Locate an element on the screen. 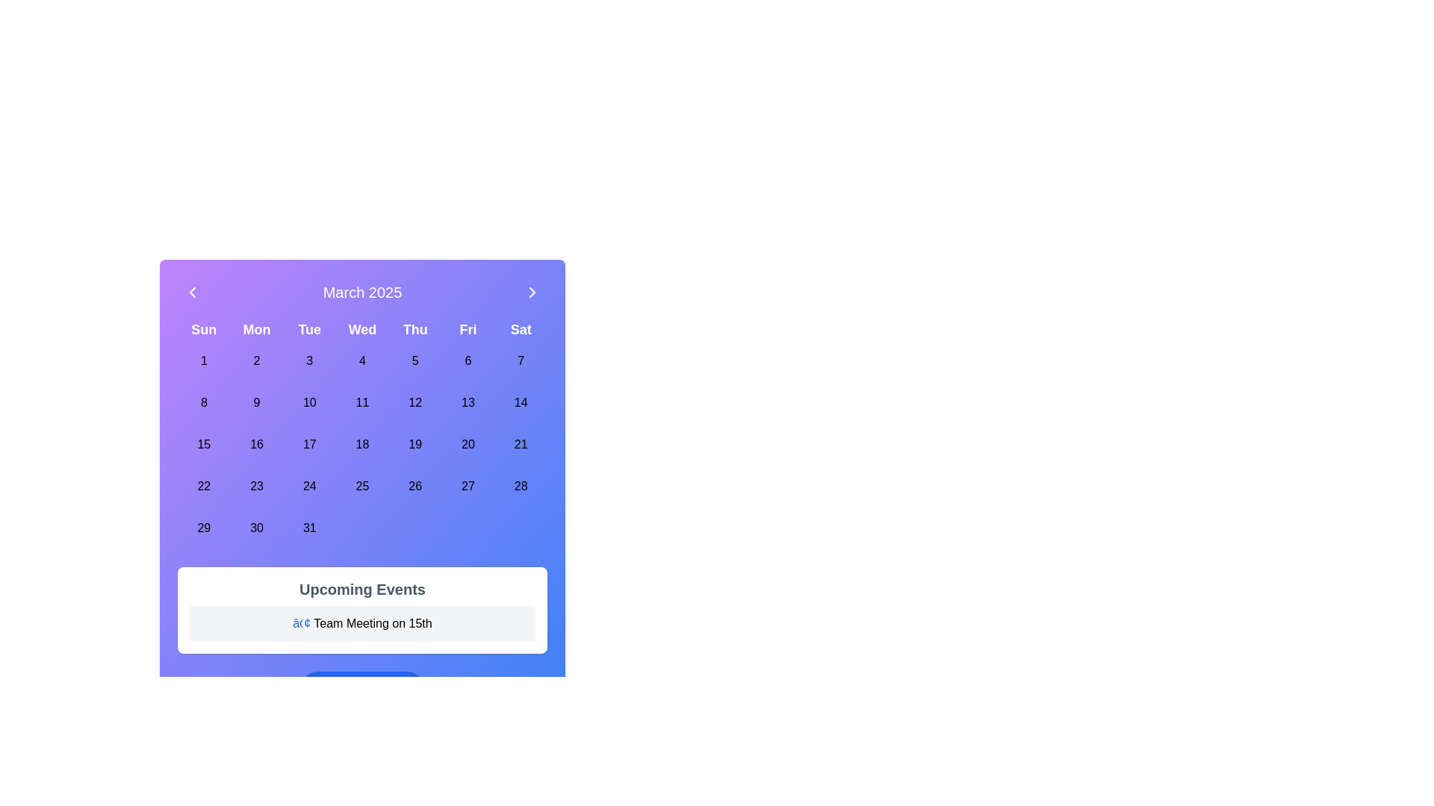 This screenshot has width=1434, height=806. the selectable date button located in the calendar grid under 'Fri', sixth row and fifth column is located at coordinates (467, 403).